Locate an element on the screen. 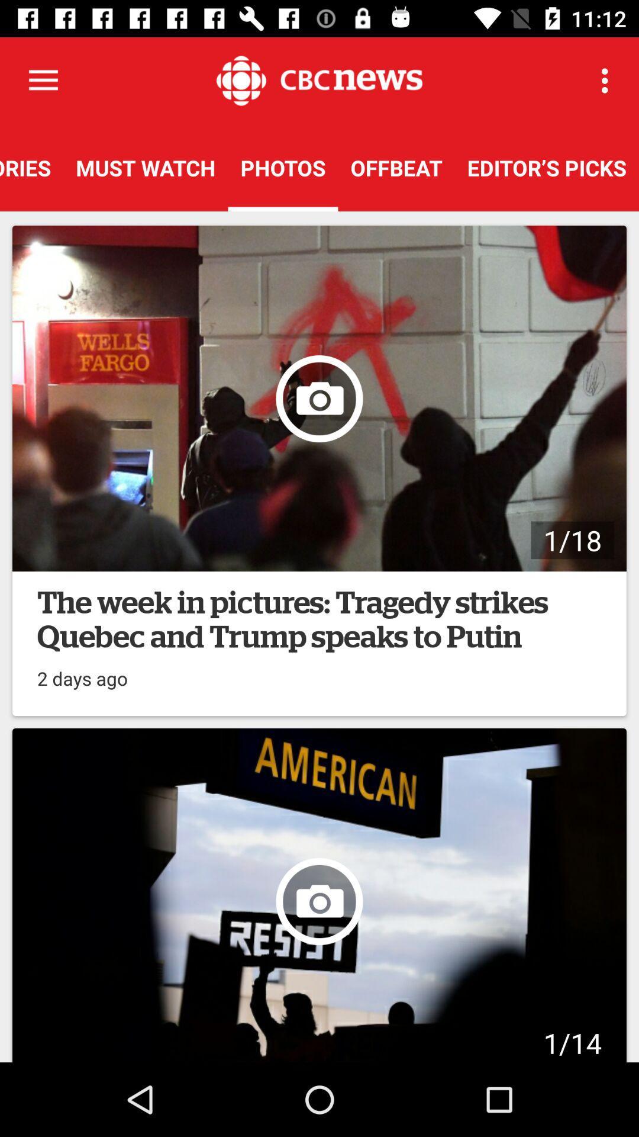  the icon to the right of top stories is located at coordinates (145, 167).